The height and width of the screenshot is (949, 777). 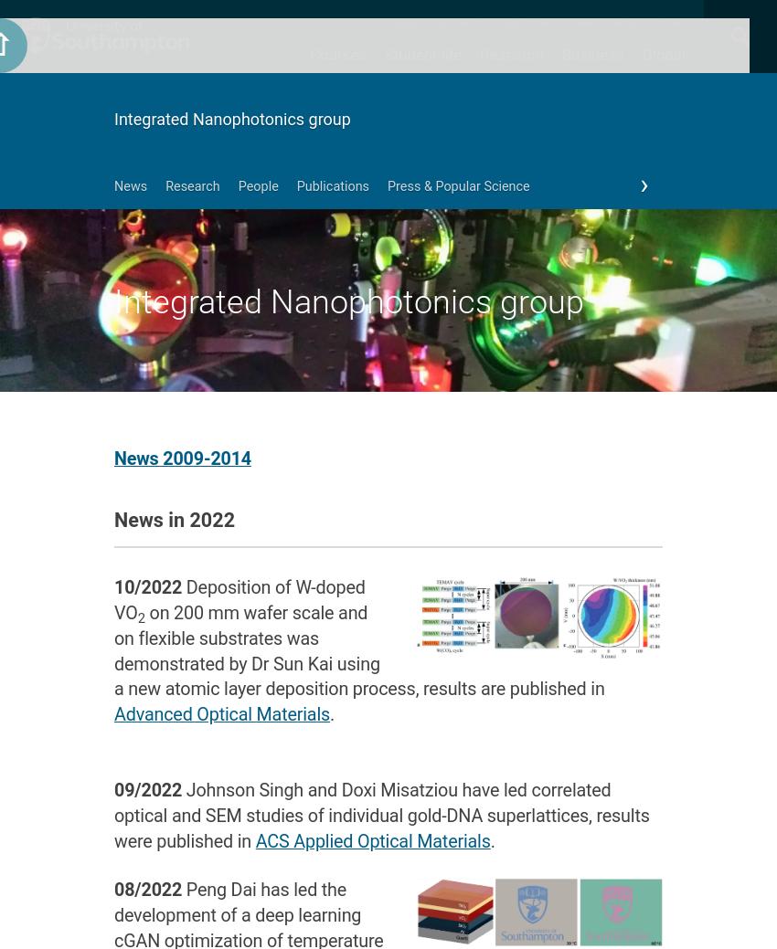 I want to click on 'Research', so click(x=511, y=53).